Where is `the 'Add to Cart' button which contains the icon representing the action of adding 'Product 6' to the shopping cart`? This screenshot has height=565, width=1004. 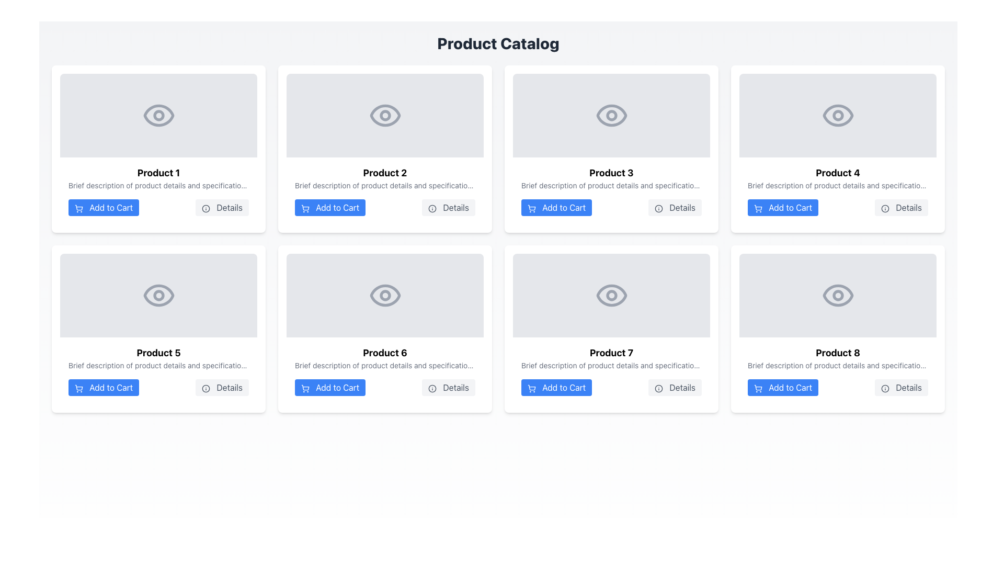
the 'Add to Cart' button which contains the icon representing the action of adding 'Product 6' to the shopping cart is located at coordinates (305, 387).